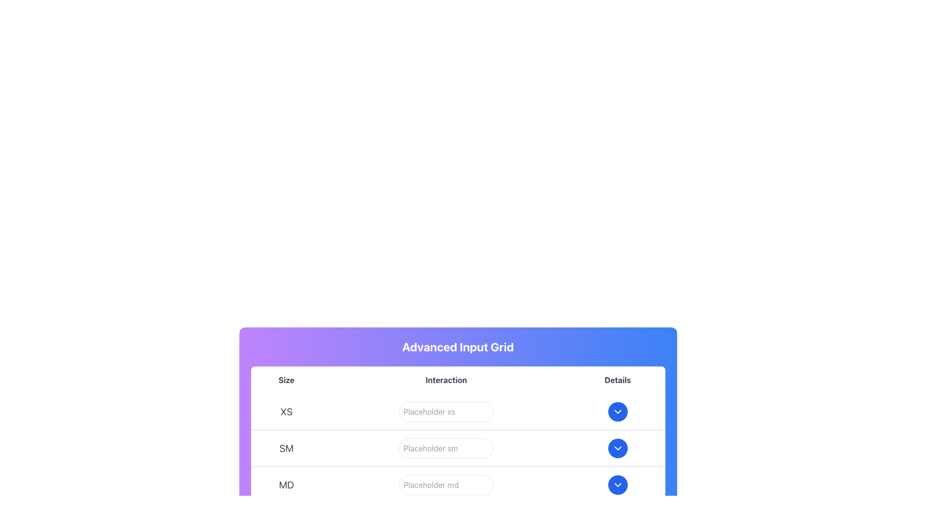 Image resolution: width=938 pixels, height=527 pixels. What do you see at coordinates (446, 412) in the screenshot?
I see `the text input field with placeholder 'Placeholder xs' to focus on it` at bounding box center [446, 412].